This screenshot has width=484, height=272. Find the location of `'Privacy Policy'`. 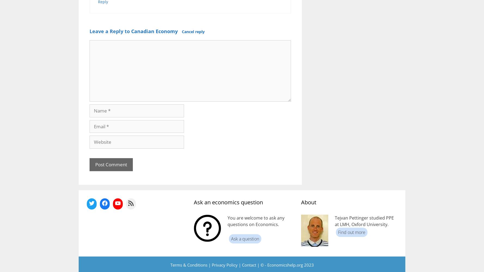

'Privacy Policy' is located at coordinates (224, 264).